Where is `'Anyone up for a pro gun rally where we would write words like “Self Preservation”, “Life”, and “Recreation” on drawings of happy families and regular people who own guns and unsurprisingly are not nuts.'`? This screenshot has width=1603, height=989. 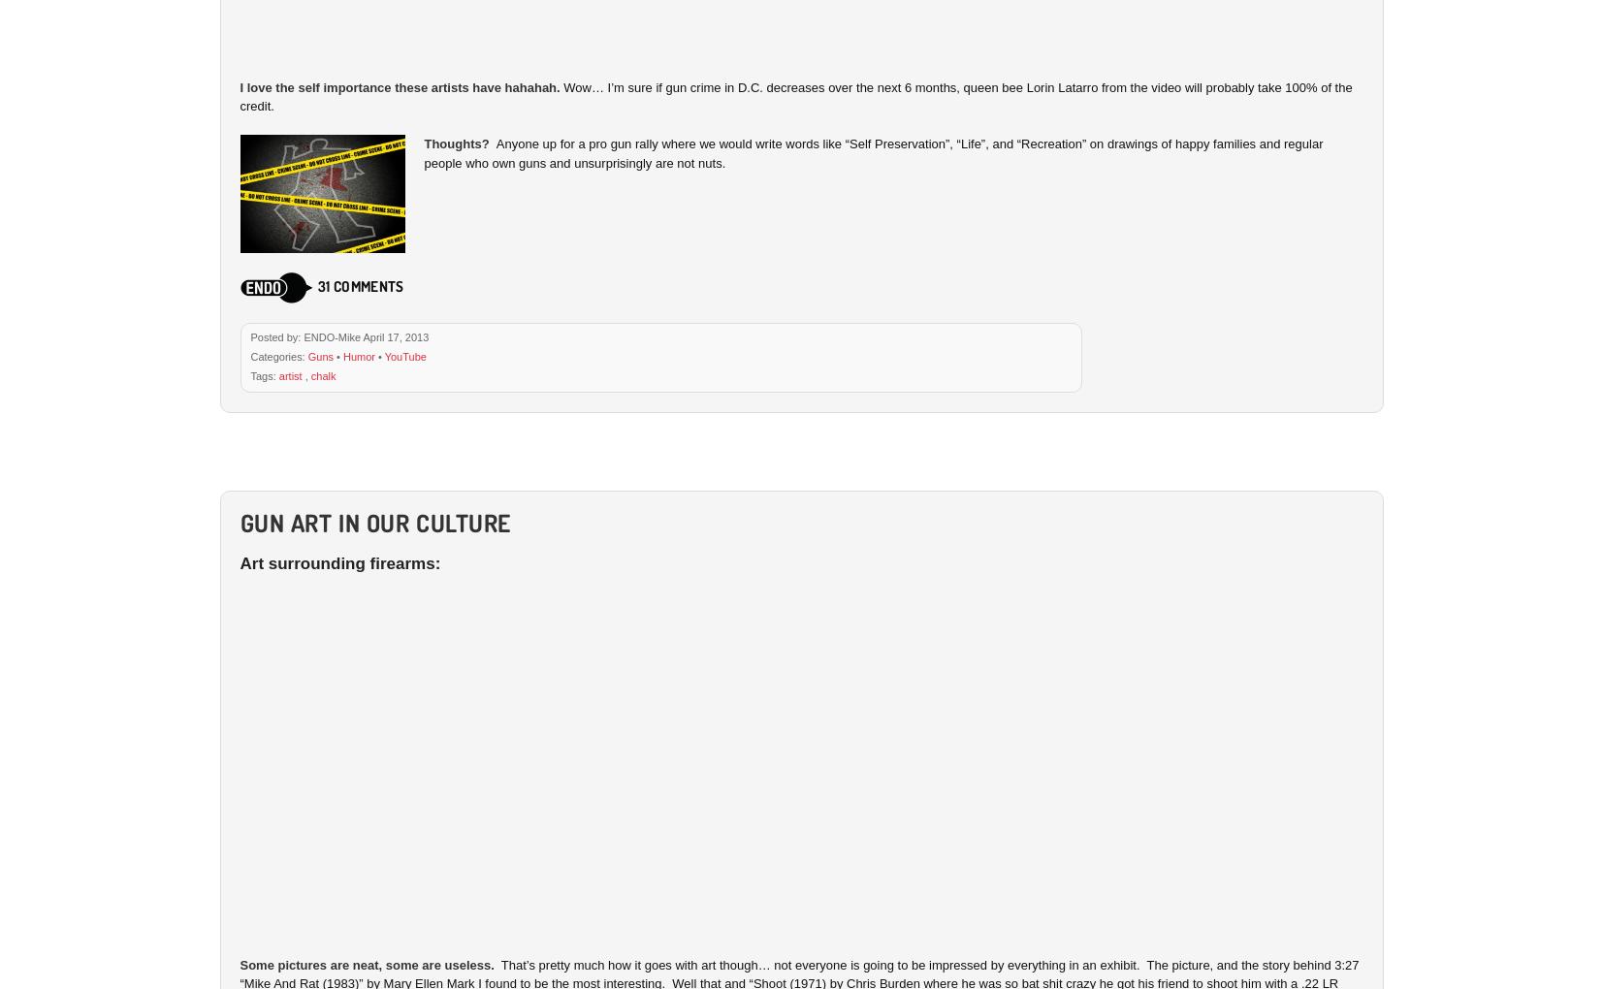 'Anyone up for a pro gun rally where we would write words like “Self Preservation”, “Life”, and “Recreation” on drawings of happy families and regular people who own guns and unsurprisingly are not nuts.' is located at coordinates (873, 152).